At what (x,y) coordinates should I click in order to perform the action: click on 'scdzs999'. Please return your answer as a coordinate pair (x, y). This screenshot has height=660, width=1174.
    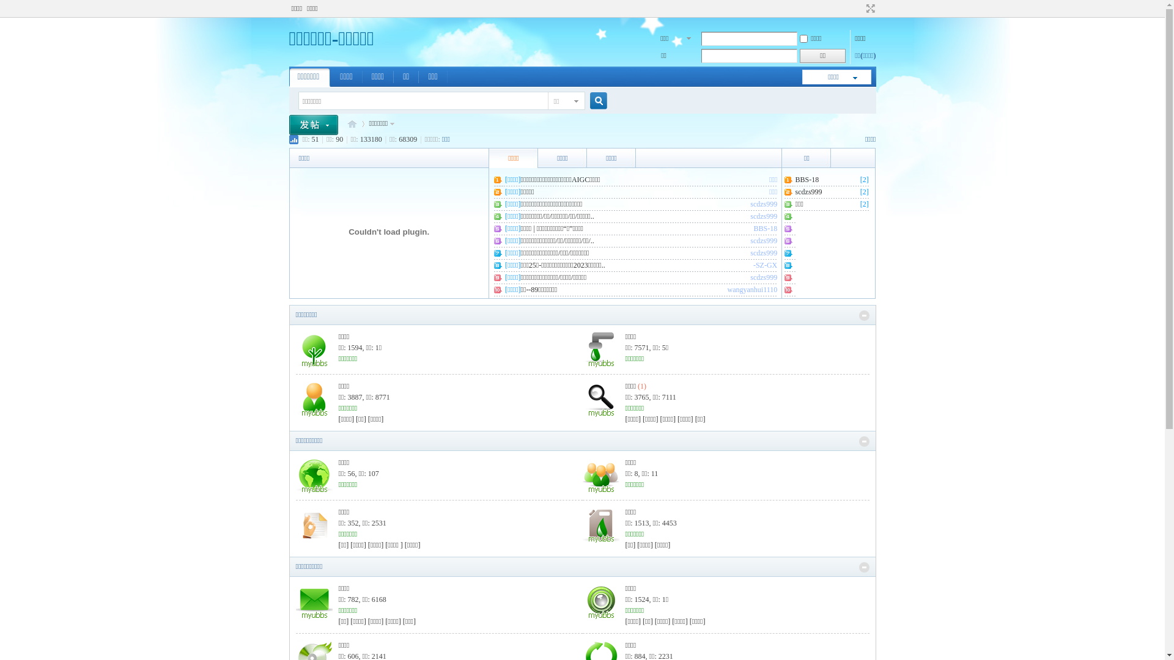
    Looking at the image, I should click on (762, 204).